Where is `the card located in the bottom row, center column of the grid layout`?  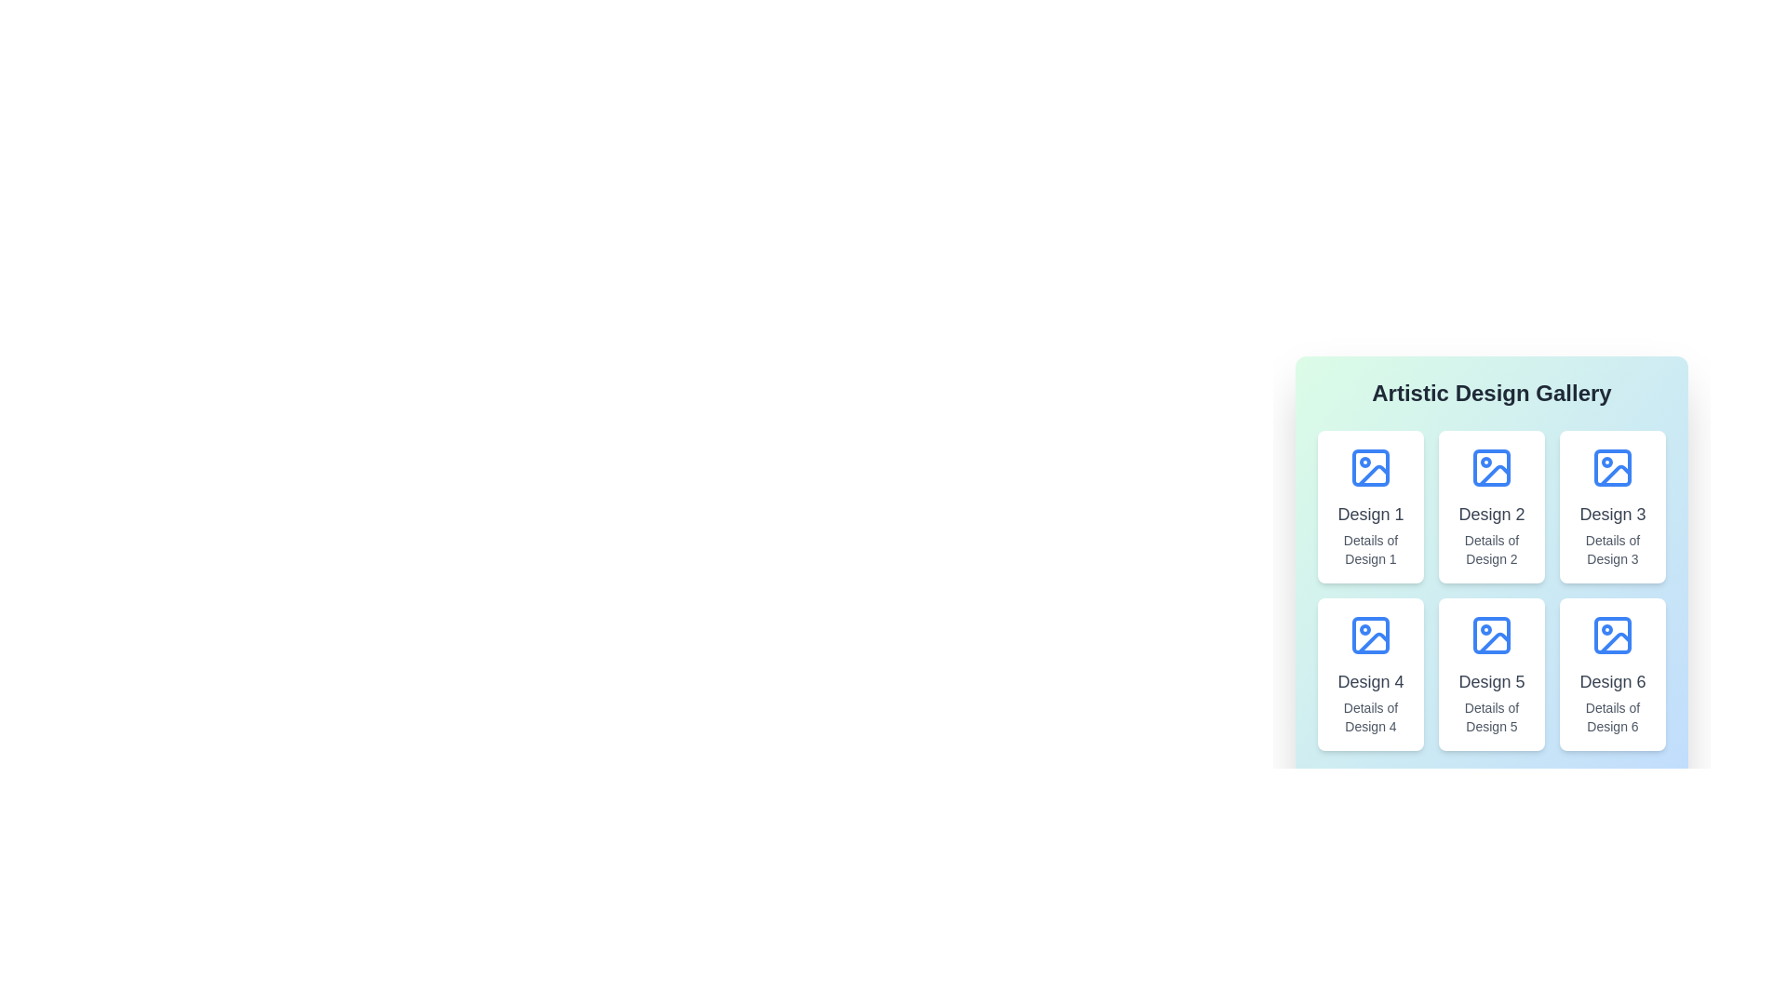
the card located in the bottom row, center column of the grid layout is located at coordinates (1492, 675).